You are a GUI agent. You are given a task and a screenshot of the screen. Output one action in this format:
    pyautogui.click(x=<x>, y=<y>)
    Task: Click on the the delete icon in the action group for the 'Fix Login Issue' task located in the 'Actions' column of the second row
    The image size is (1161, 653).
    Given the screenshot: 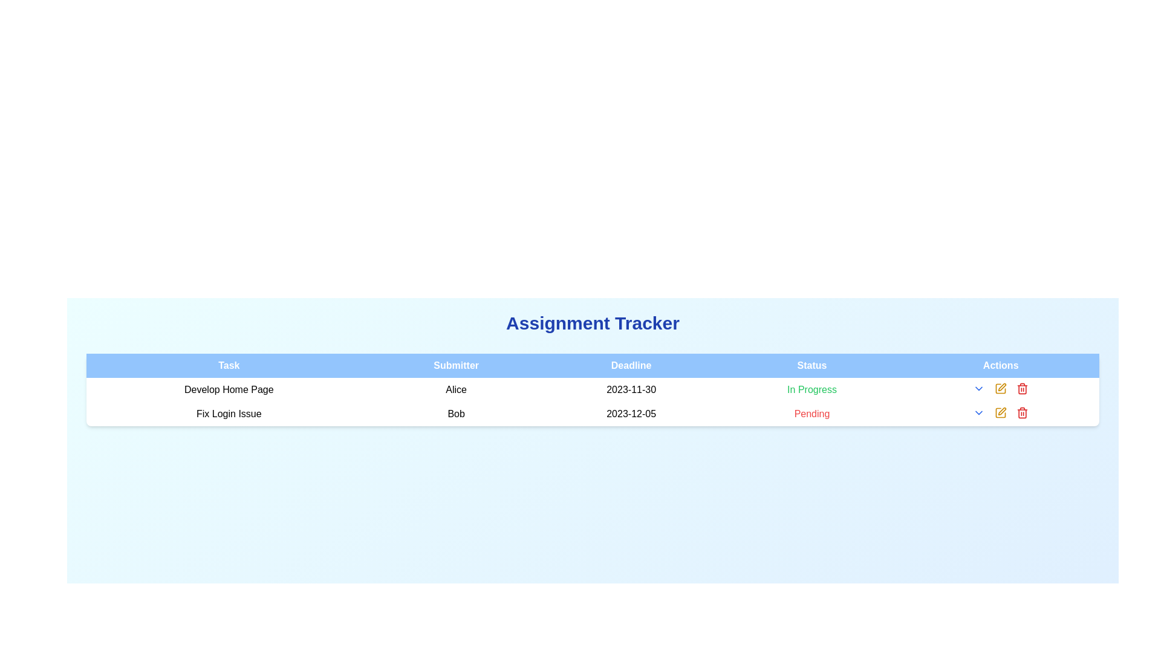 What is the action you would take?
    pyautogui.click(x=1001, y=412)
    